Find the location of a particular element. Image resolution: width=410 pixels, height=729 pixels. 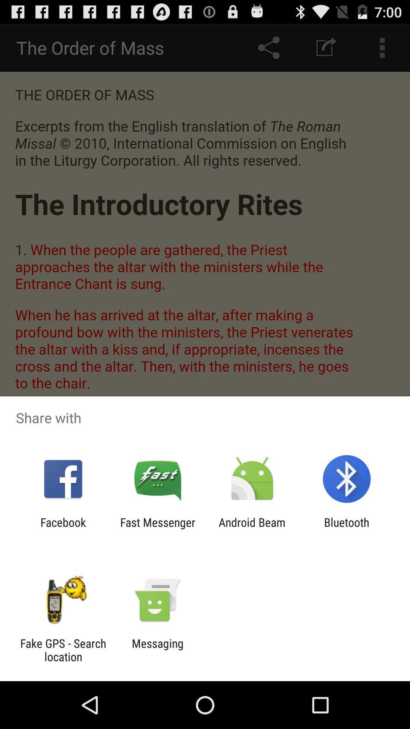

fake gps search item is located at coordinates (63, 650).